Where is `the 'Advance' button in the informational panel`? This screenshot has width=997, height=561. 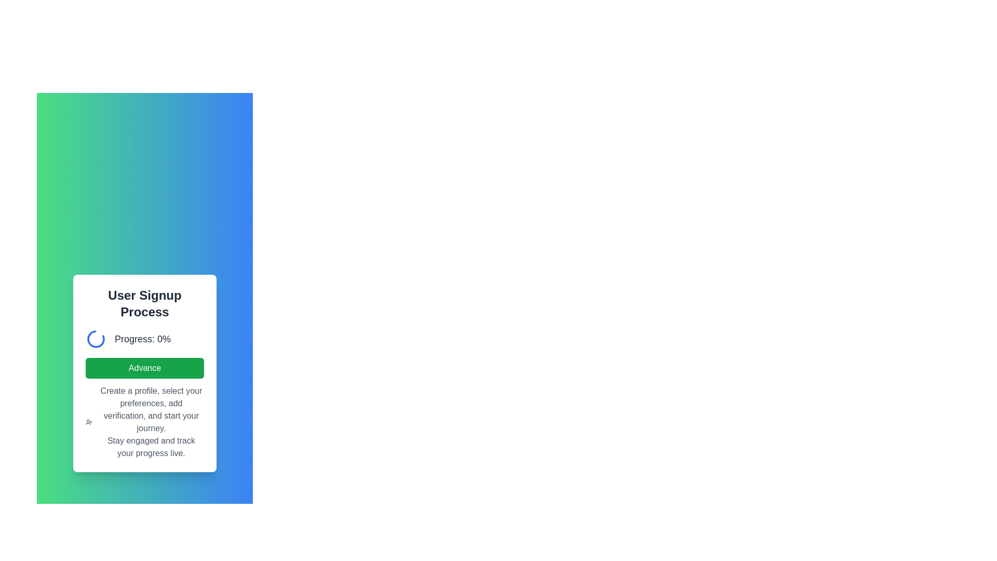
the 'Advance' button in the informational panel is located at coordinates (144, 372).